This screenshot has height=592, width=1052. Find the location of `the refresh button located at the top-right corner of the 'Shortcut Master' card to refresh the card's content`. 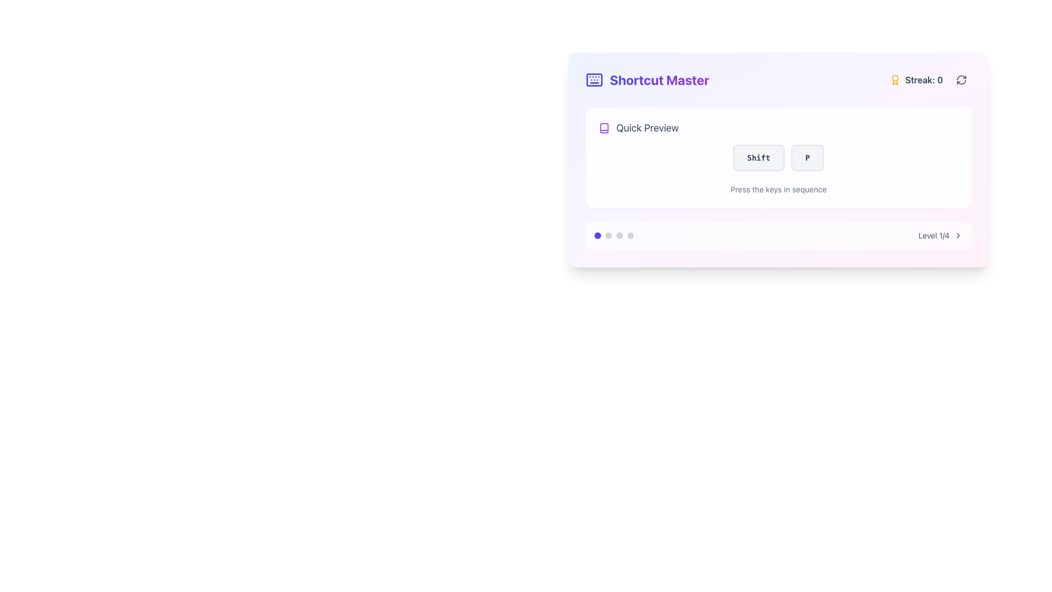

the refresh button located at the top-right corner of the 'Shortcut Master' card to refresh the card's content is located at coordinates (961, 79).